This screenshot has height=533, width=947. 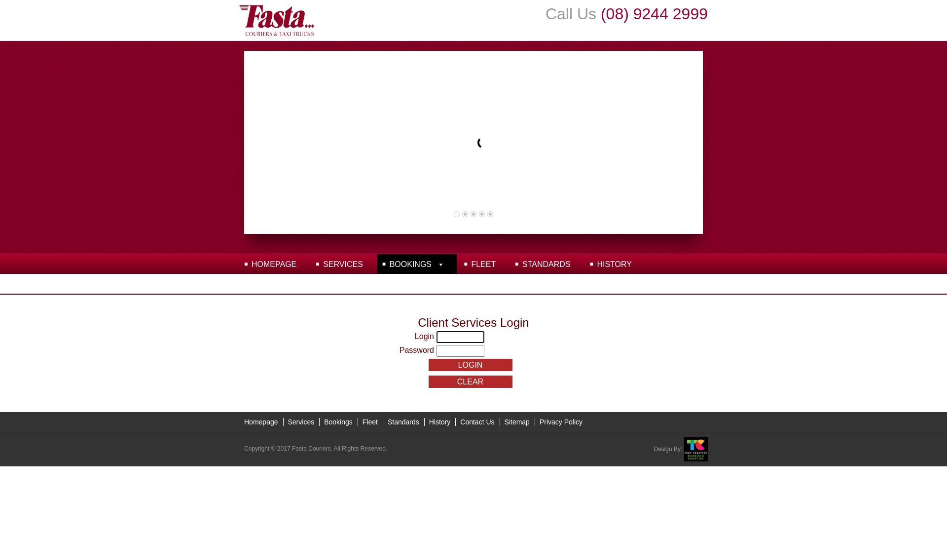 I want to click on 'STANDARDS', so click(x=546, y=264).